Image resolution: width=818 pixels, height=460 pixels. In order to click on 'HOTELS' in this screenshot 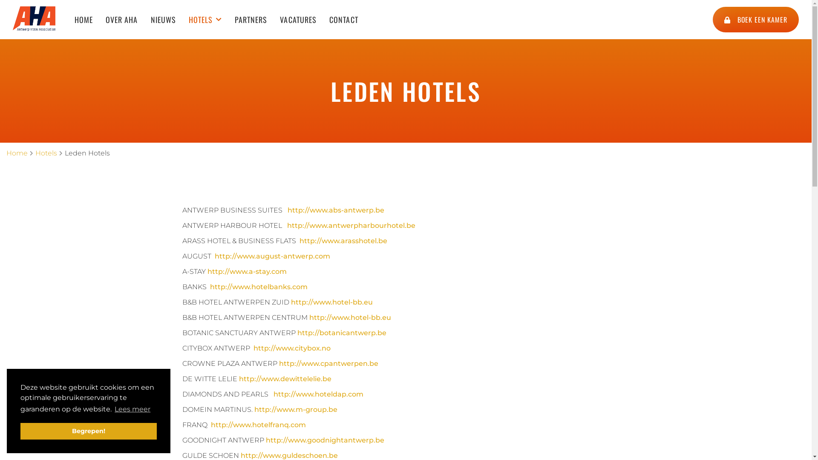, I will do `click(205, 19)`.